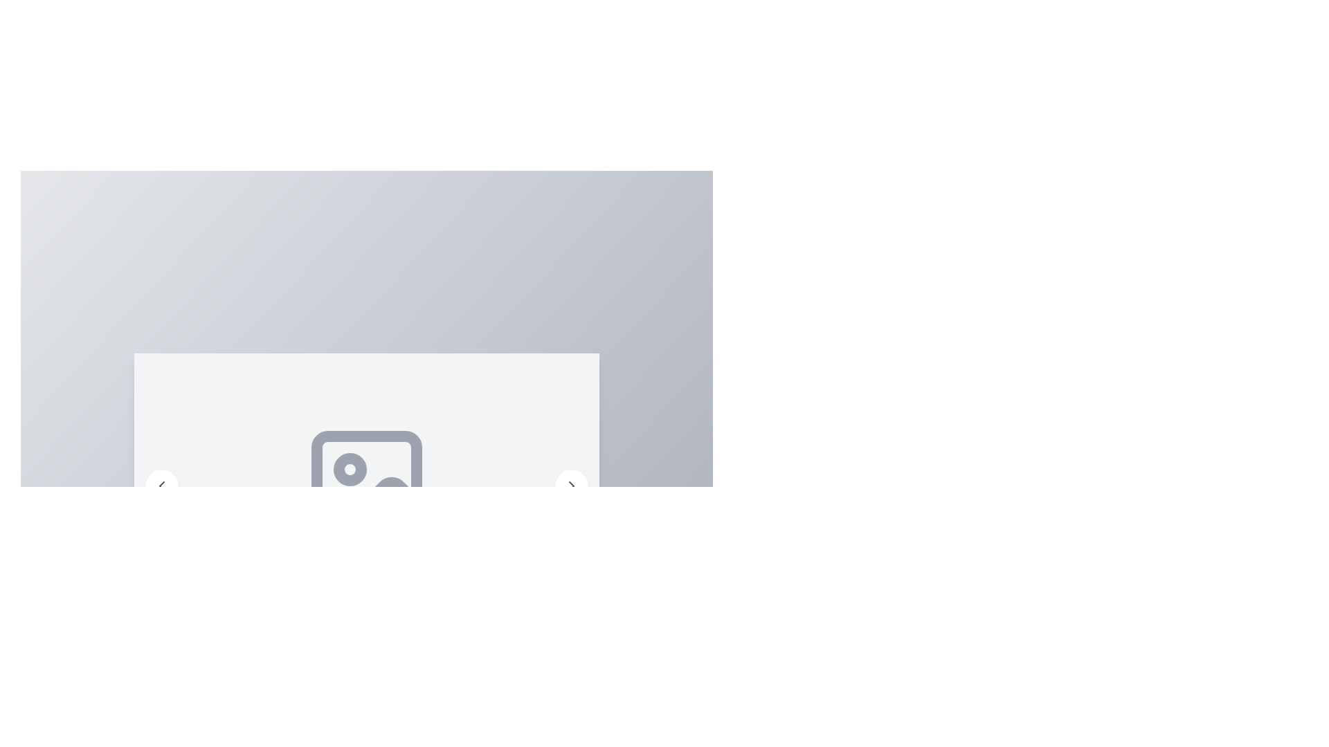  I want to click on the chevron icon located at the bottom-right corner of the interface, so click(571, 485).